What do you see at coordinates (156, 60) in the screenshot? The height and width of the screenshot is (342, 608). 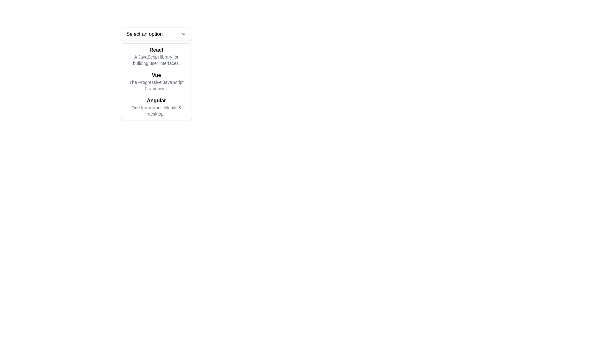 I see `the static text element that provides additional details about the 'React' label in the dropdown menu` at bounding box center [156, 60].